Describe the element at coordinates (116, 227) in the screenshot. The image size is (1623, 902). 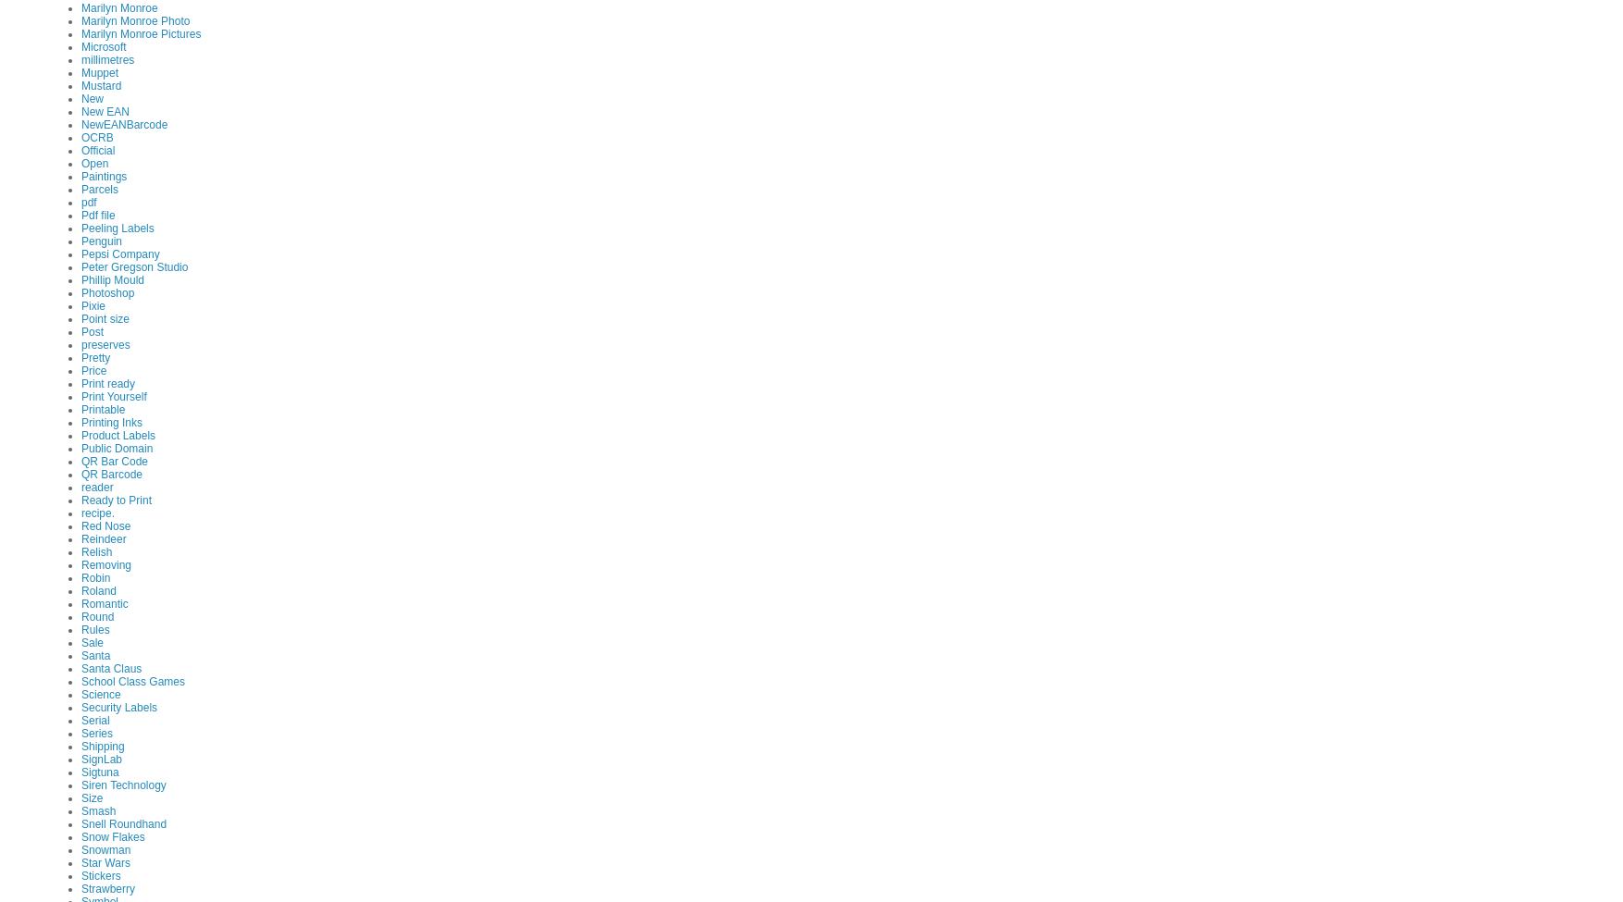
I see `'Peeling Labels'` at that location.